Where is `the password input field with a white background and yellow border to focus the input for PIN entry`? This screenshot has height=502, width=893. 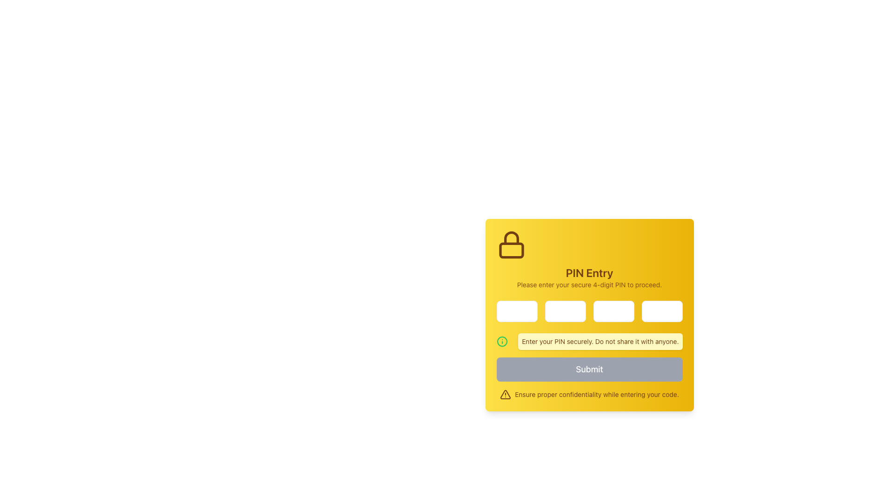 the password input field with a white background and yellow border to focus the input for PIN entry is located at coordinates (516, 311).